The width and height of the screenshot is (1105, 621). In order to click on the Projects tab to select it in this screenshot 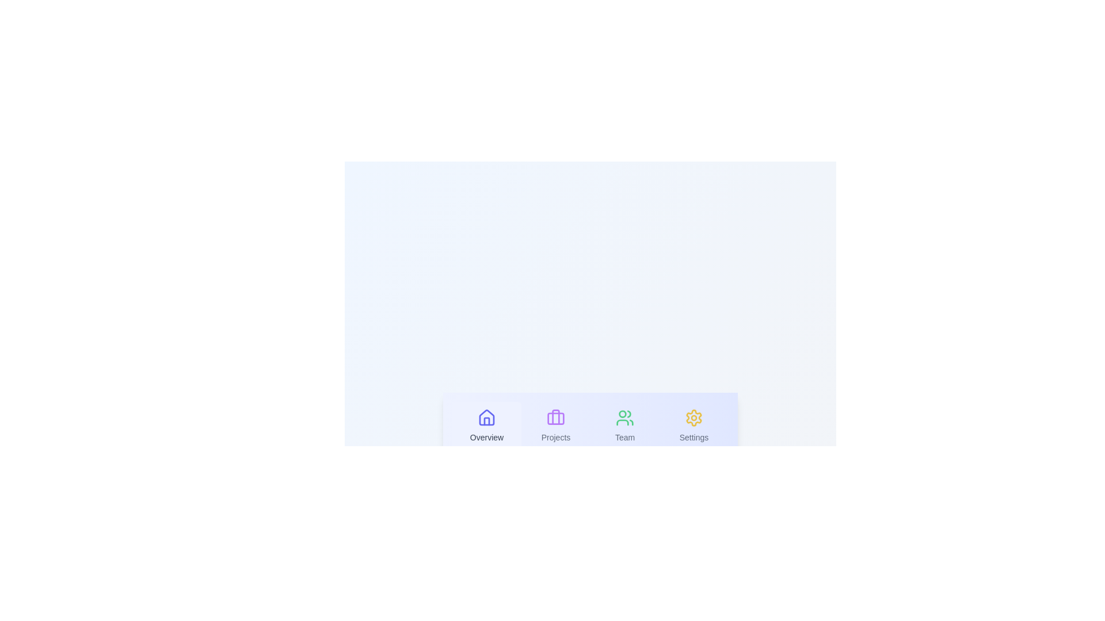, I will do `click(555, 427)`.